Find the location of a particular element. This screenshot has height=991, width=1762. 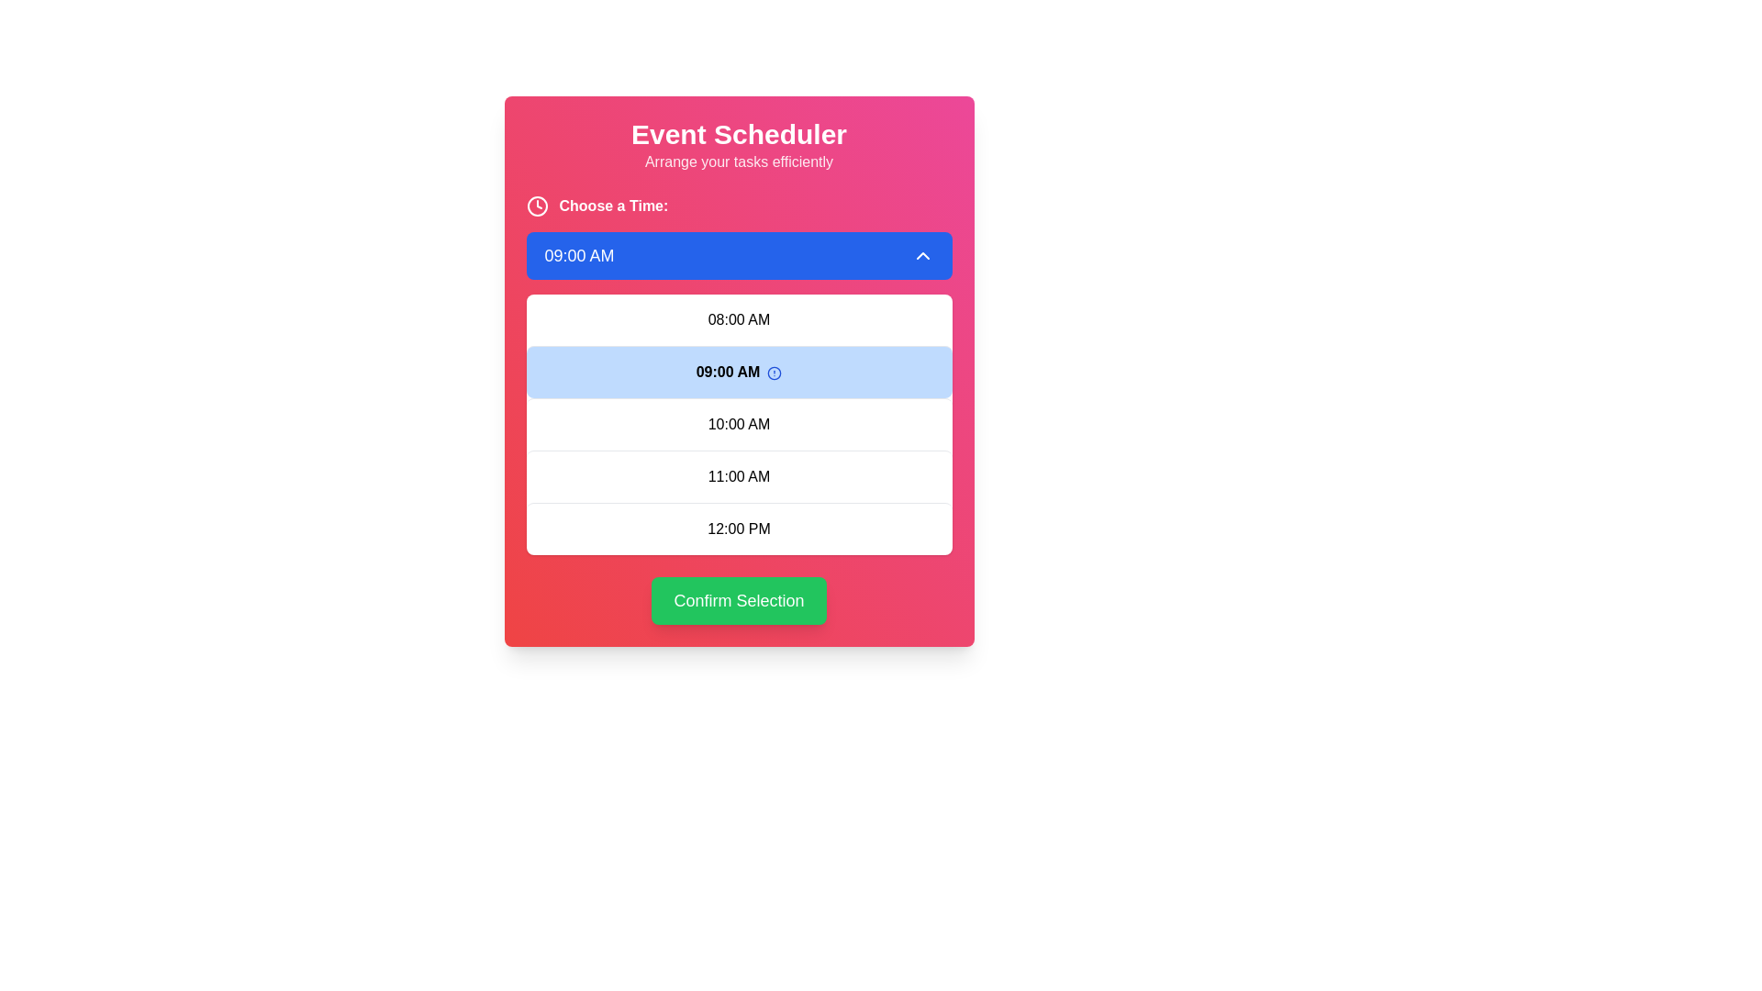

the dropdown menu below the blue dropdown labeled '09:00 AM' in the 'Choose a Time:' section is located at coordinates (739, 424).